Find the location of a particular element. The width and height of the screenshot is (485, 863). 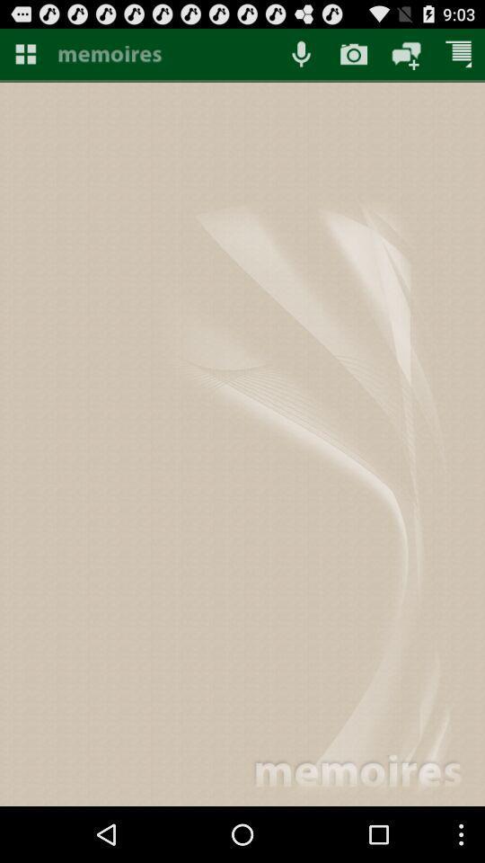

send new message is located at coordinates (406, 53).